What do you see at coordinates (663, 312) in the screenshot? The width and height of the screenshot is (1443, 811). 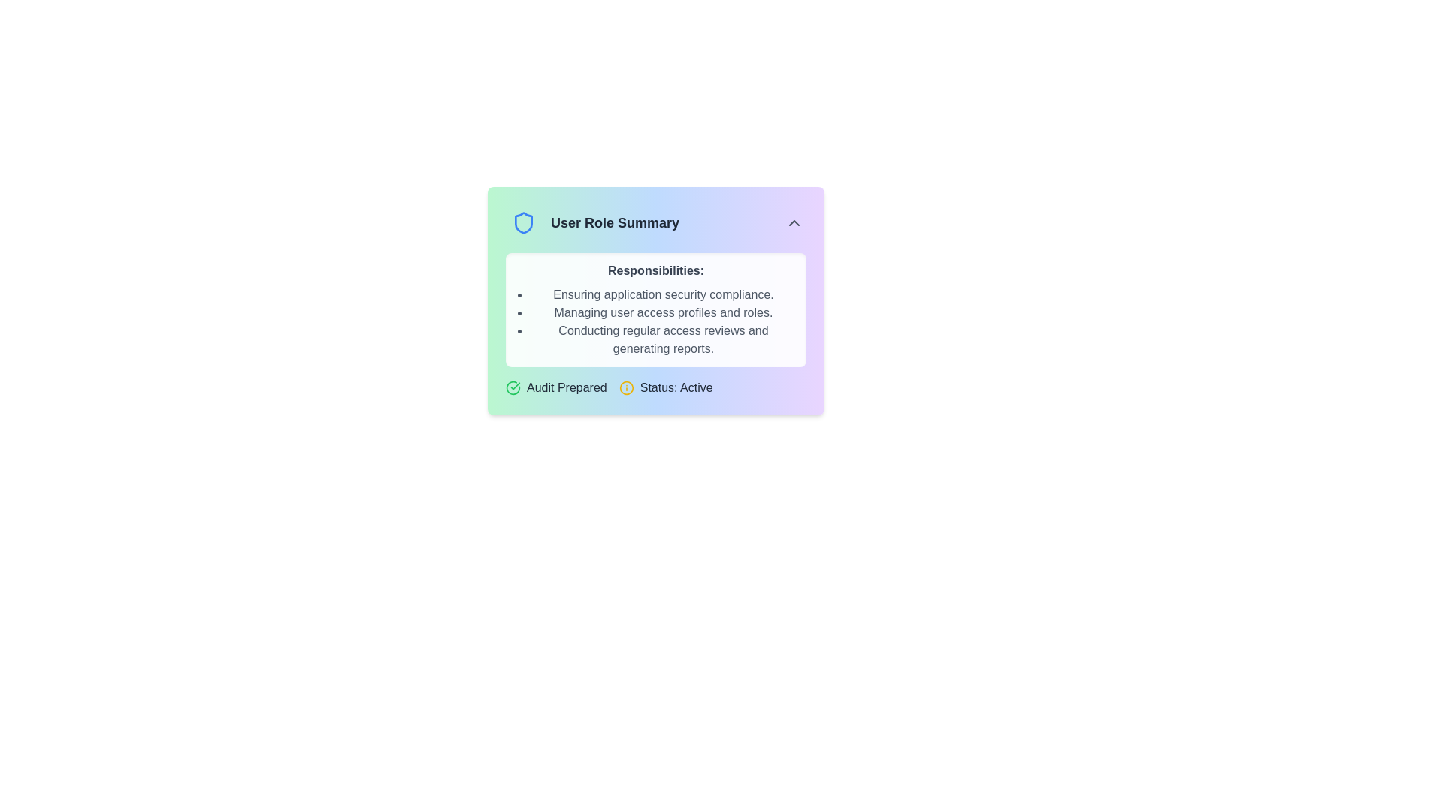 I see `the static text element displaying 'Managing user access profiles and roles.' which is the second item in the 'Responsibilities:' section of the 'User Role Summary' card` at bounding box center [663, 312].